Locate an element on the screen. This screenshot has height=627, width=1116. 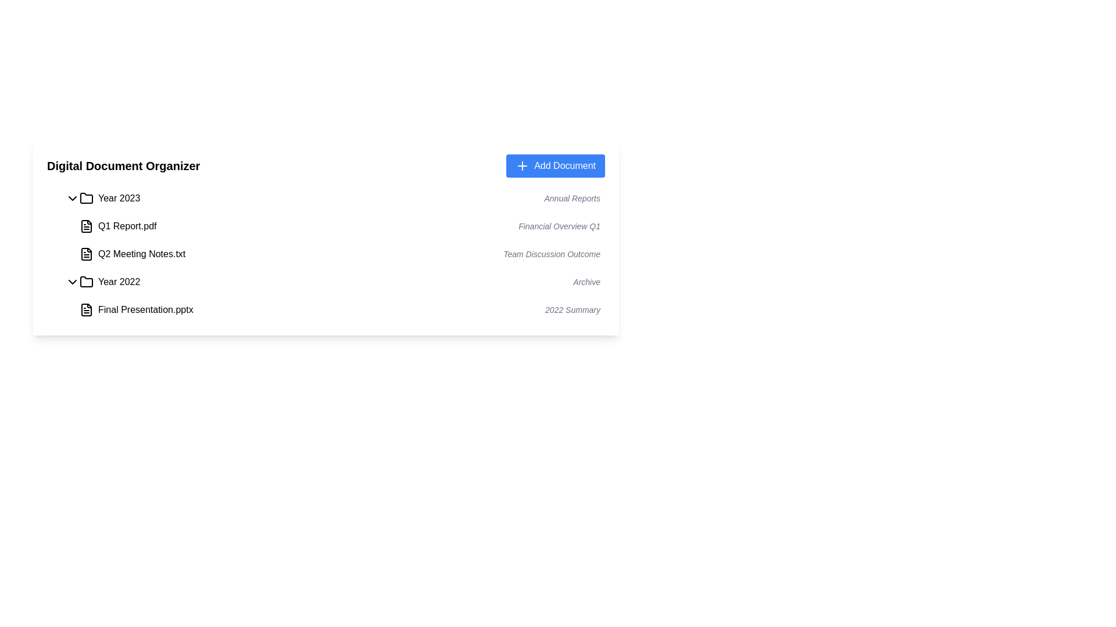
the blue cross icon within the 'Add Document' button is located at coordinates (522, 165).